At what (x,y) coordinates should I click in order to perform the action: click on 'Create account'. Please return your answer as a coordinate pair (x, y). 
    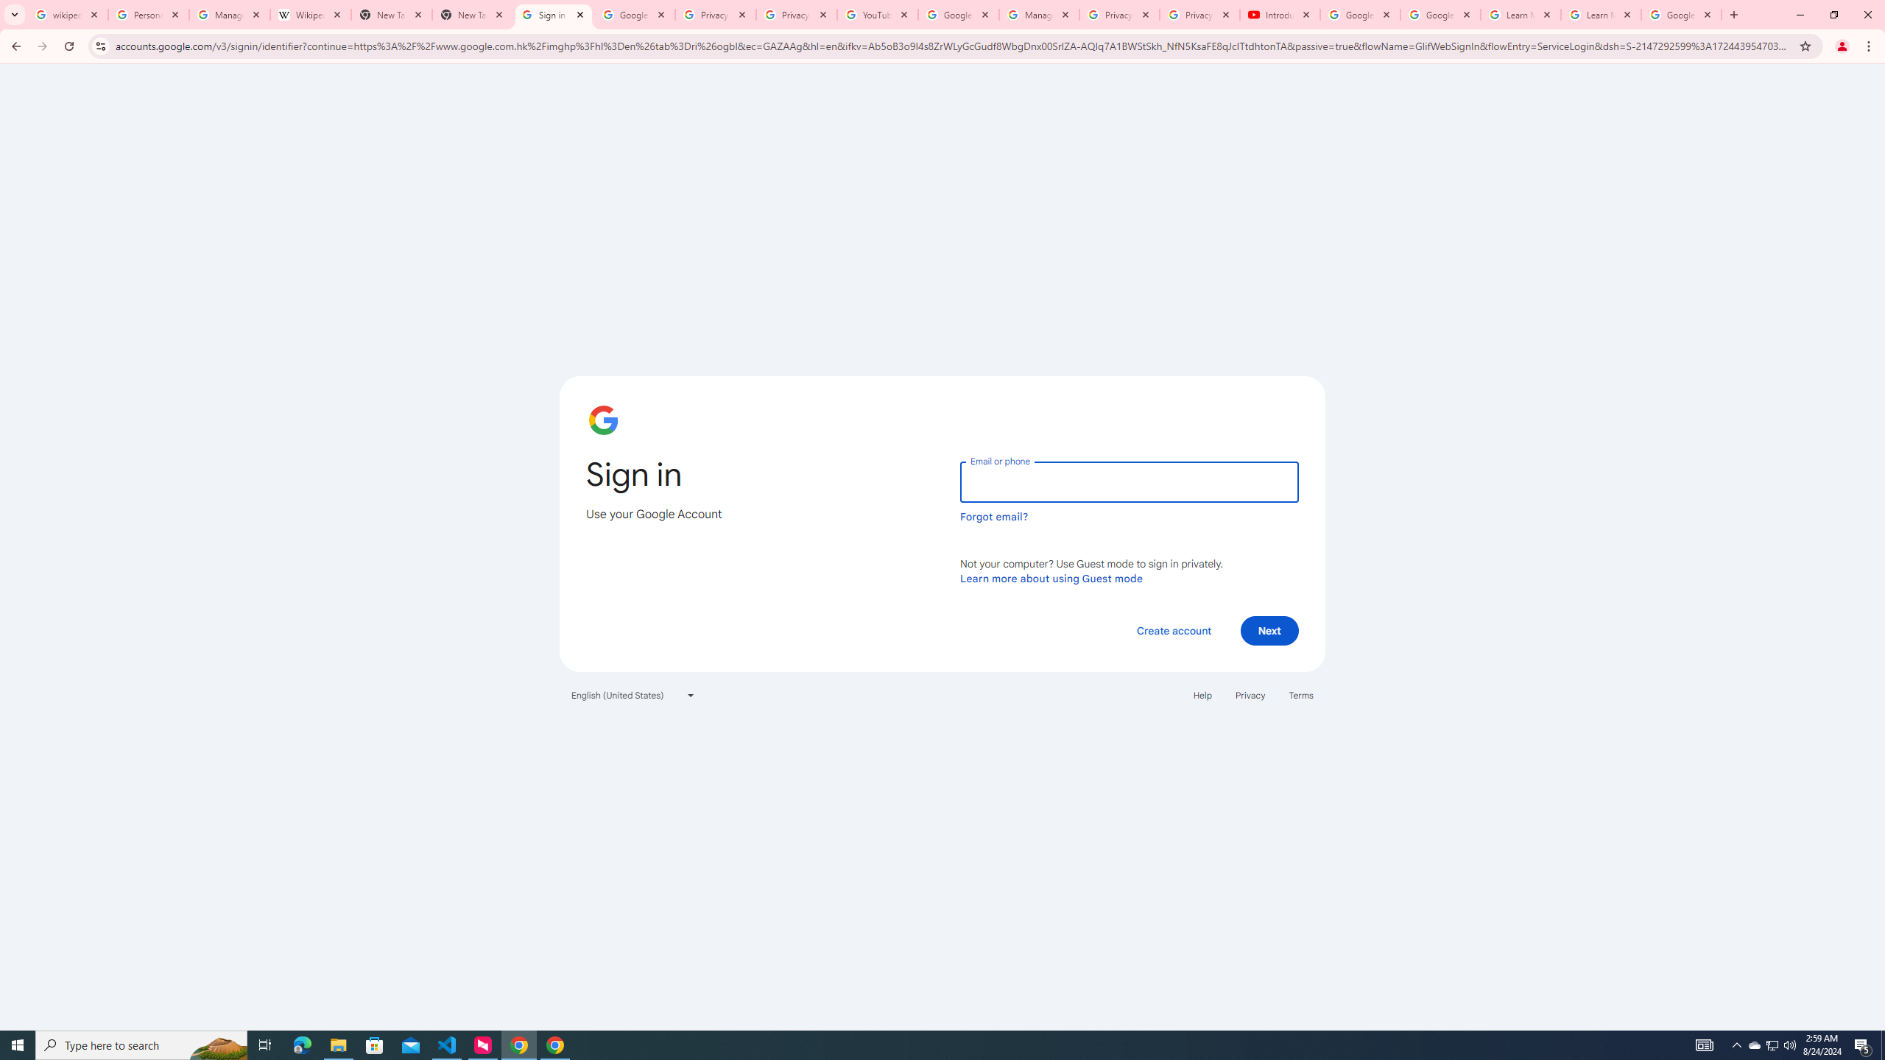
    Looking at the image, I should click on (1173, 629).